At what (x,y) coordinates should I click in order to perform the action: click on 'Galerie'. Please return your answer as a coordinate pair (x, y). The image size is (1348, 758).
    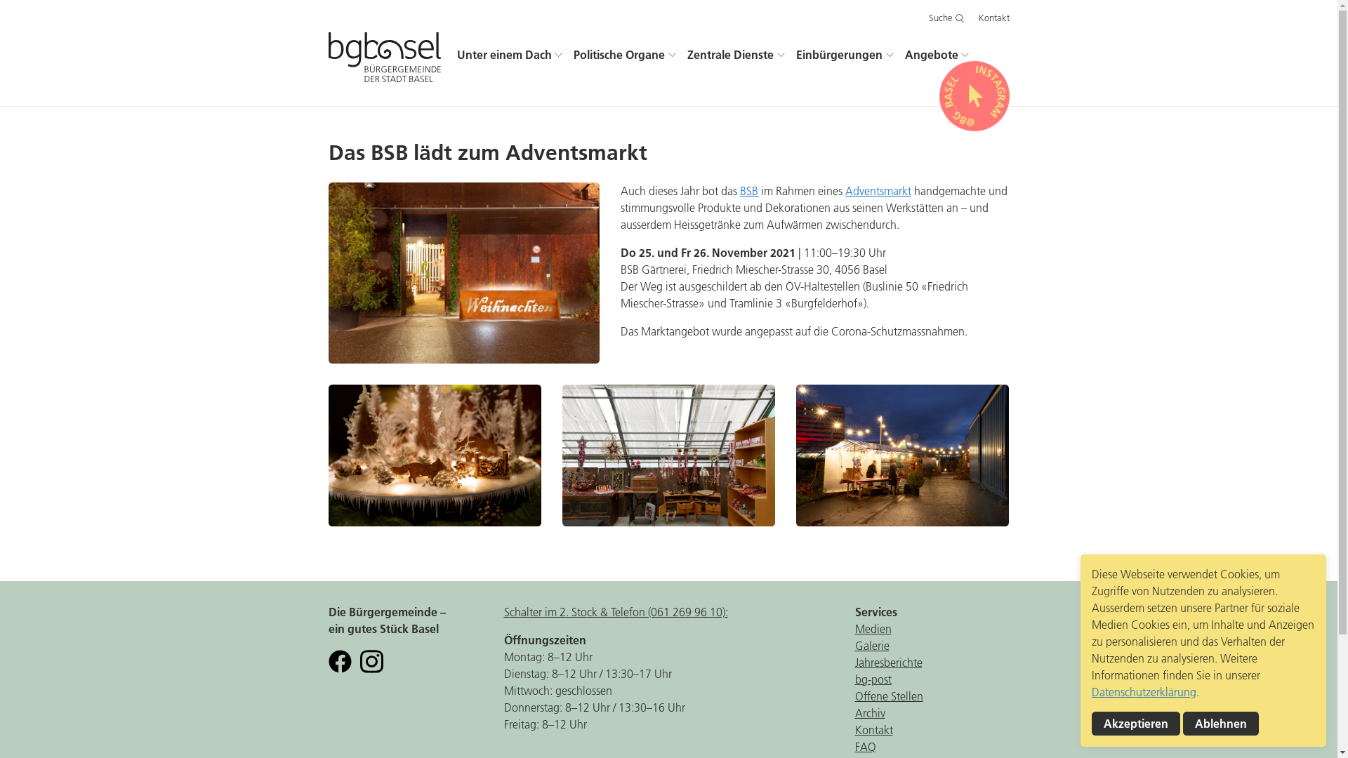
    Looking at the image, I should click on (871, 646).